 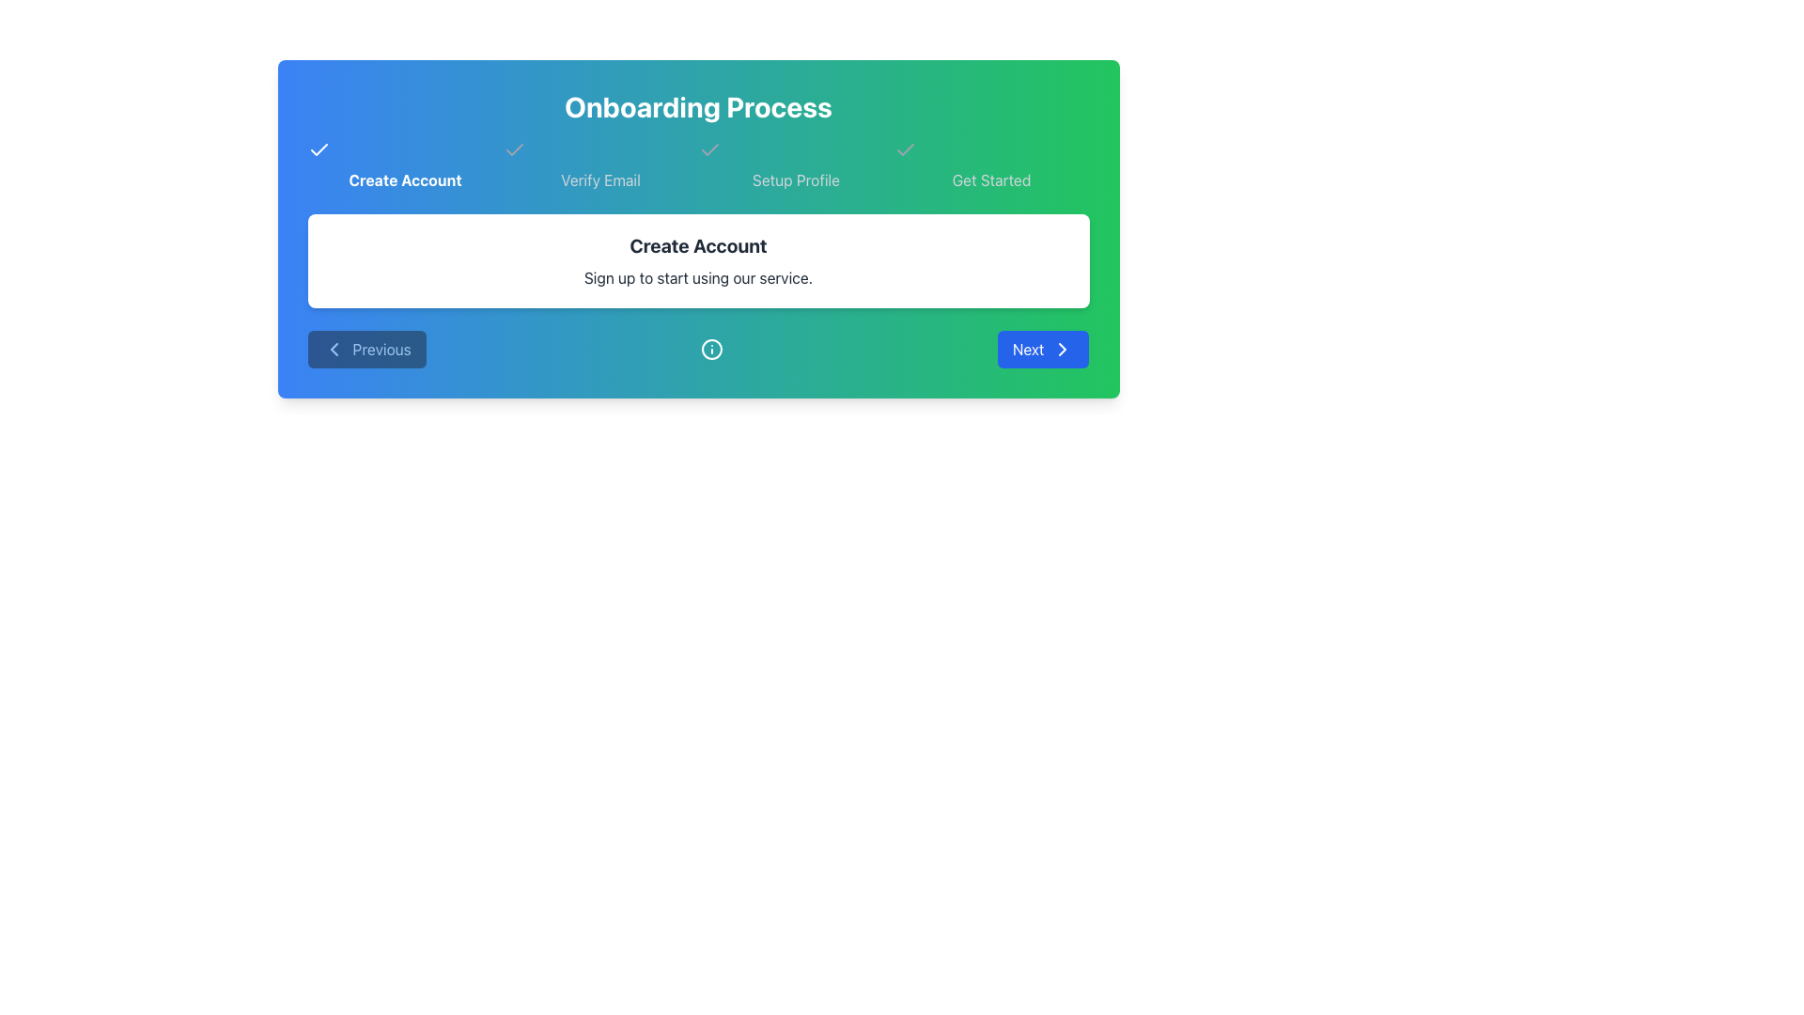 What do you see at coordinates (599, 180) in the screenshot?
I see `the 'Verify Email' text label, which is styled in white text against a gradient background, positioned second in the horizontal step indicator bar under 'Onboarding Process'` at bounding box center [599, 180].